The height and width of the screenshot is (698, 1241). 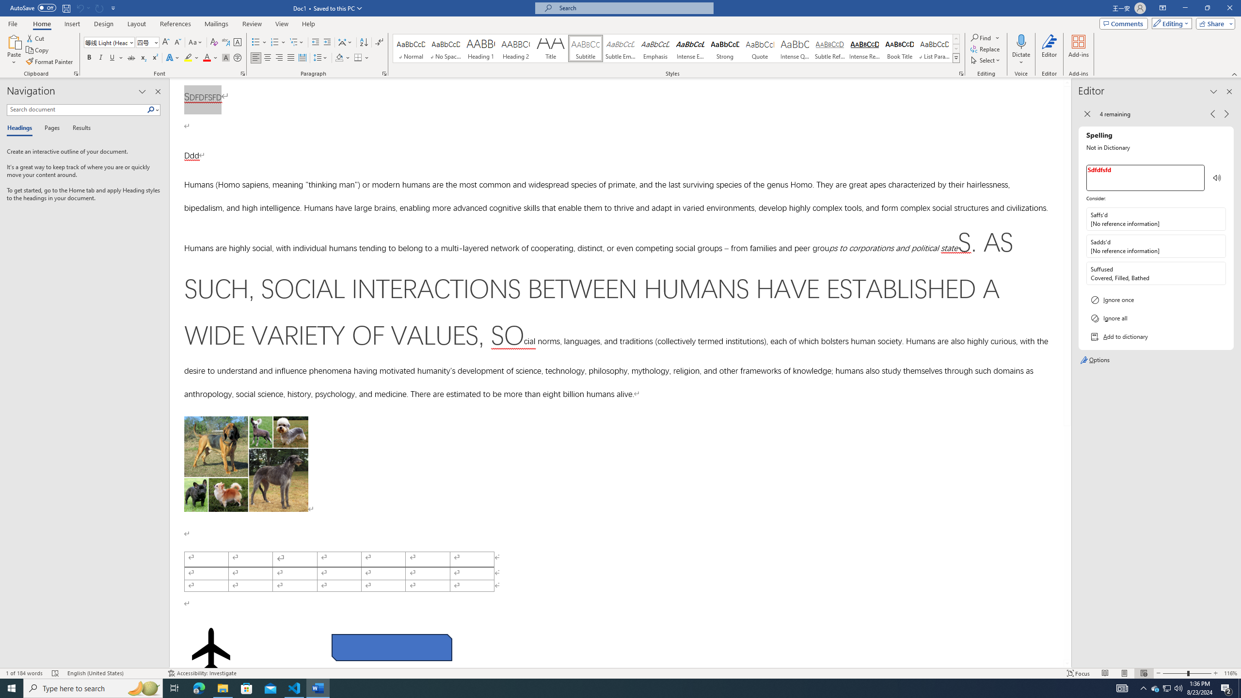 I want to click on 'AutoSave', so click(x=33, y=7).